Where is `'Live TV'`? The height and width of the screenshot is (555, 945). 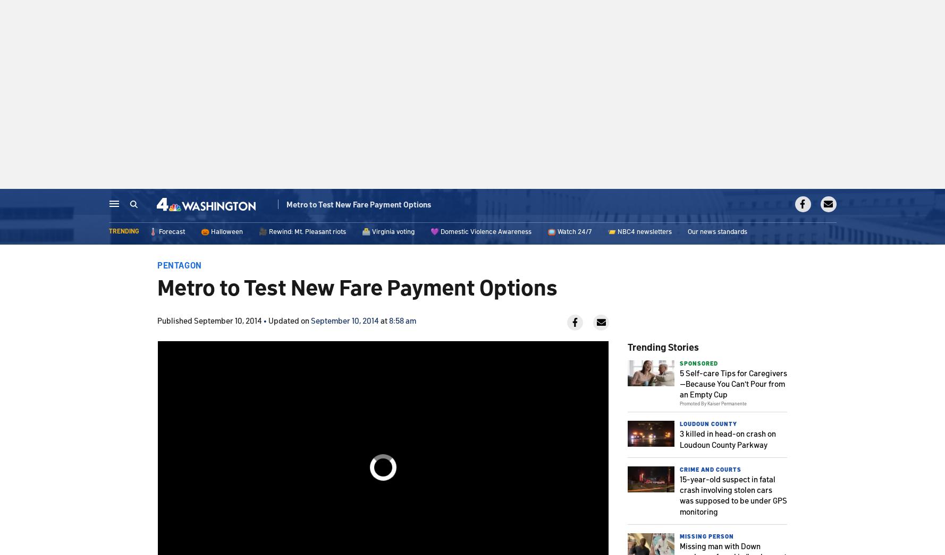
'Live TV' is located at coordinates (804, 206).